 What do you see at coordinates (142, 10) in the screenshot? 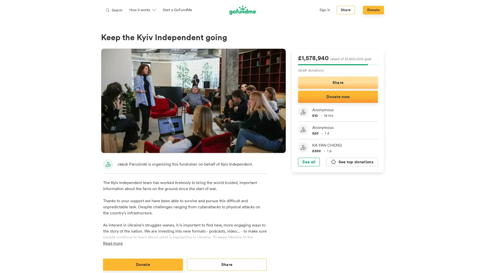
I see `How it works` at bounding box center [142, 10].